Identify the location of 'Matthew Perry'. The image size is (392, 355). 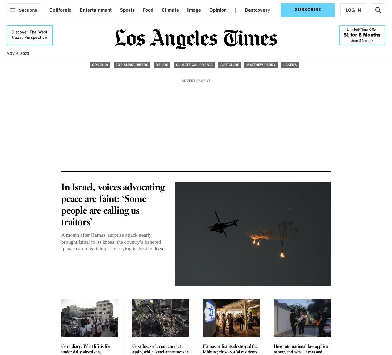
(245, 64).